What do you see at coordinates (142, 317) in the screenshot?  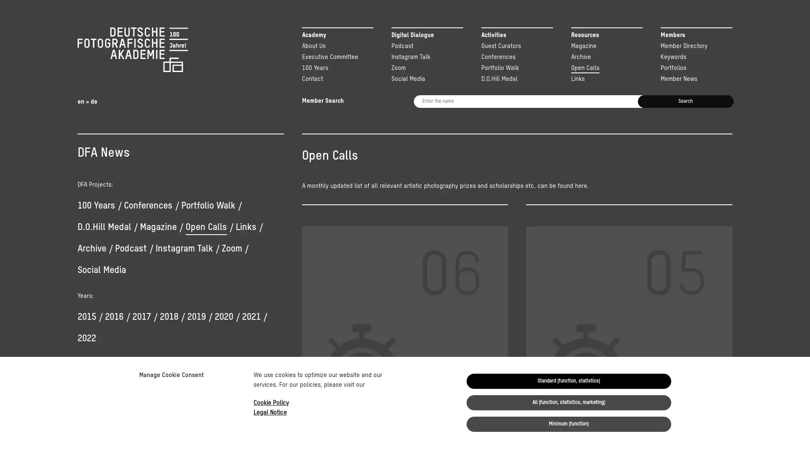 I see `2017` at bounding box center [142, 317].